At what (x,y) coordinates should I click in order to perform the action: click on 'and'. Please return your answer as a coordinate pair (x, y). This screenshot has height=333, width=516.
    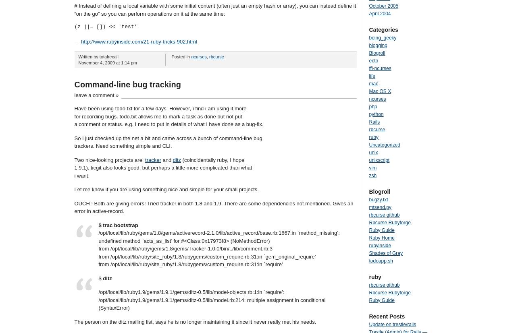
    Looking at the image, I should click on (160, 159).